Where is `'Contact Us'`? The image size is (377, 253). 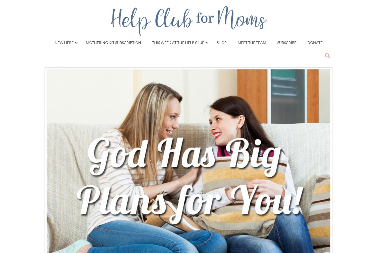
'Contact Us' is located at coordinates (164, 115).